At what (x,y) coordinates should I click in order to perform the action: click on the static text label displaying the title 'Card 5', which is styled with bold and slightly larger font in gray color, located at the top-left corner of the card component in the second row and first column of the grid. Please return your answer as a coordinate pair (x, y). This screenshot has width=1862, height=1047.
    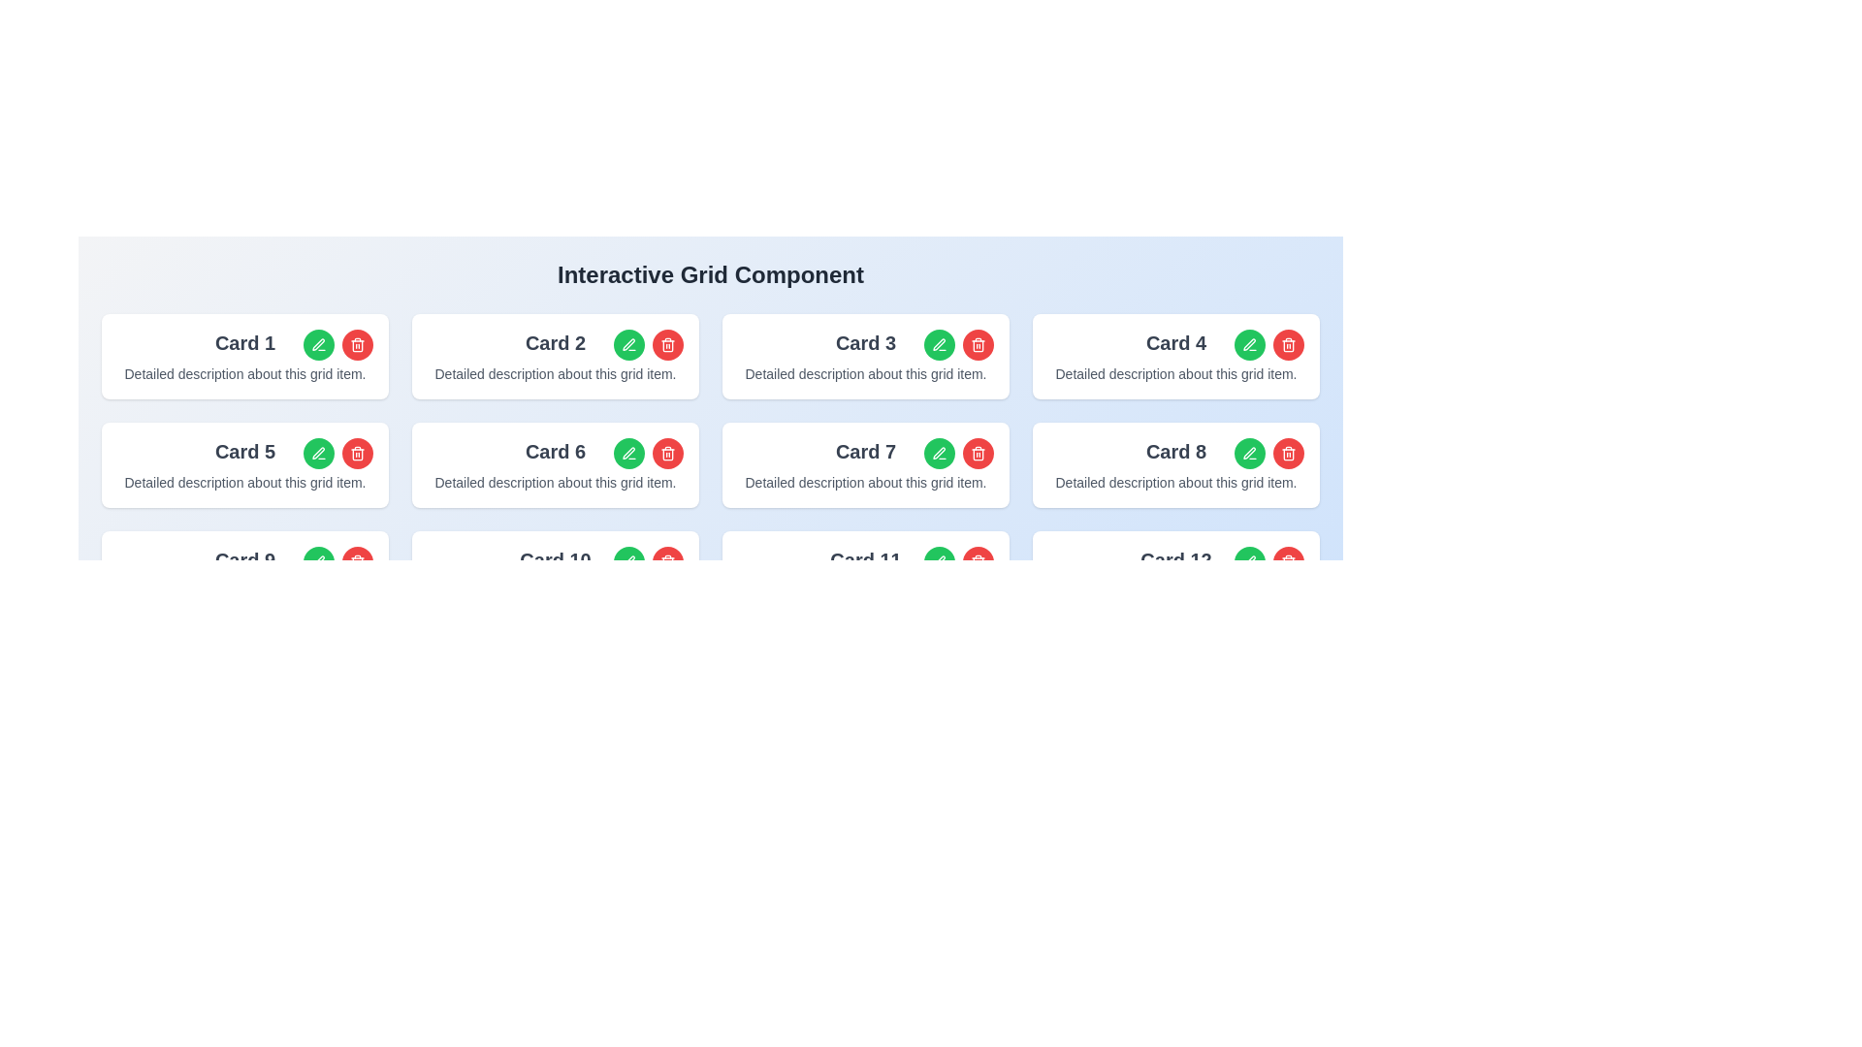
    Looking at the image, I should click on (244, 452).